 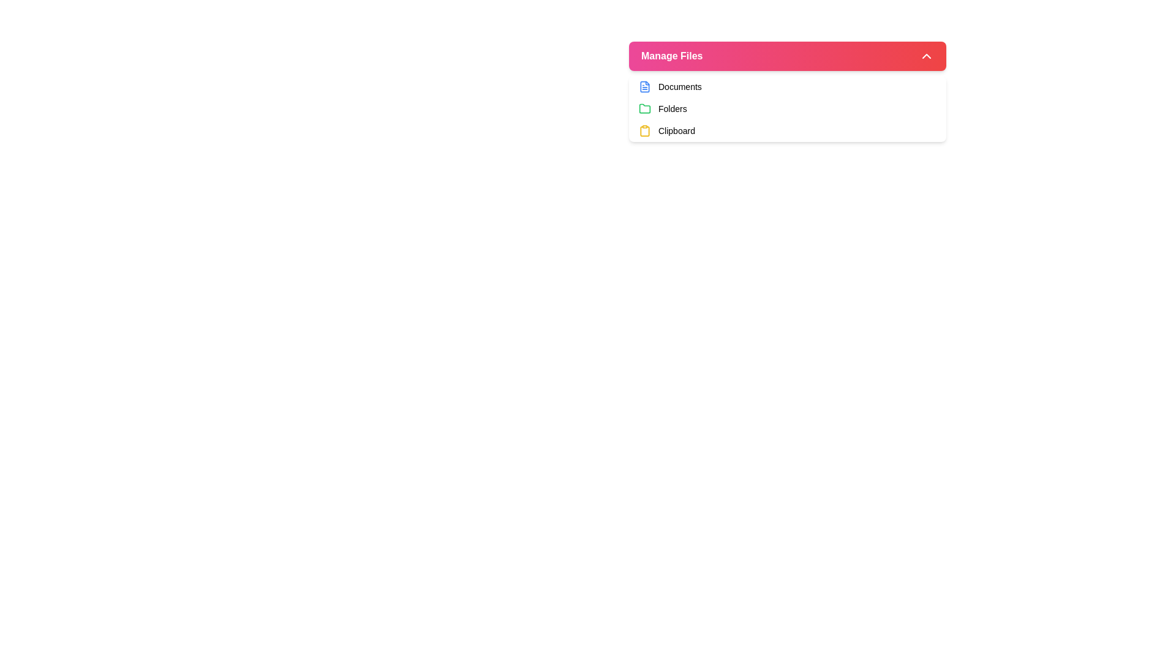 I want to click on the 'Folders' label element, which is a text label styled in a small-sized font and medium weight, positioned to the right of a green folder icon in the second row of the menu, so click(x=672, y=108).